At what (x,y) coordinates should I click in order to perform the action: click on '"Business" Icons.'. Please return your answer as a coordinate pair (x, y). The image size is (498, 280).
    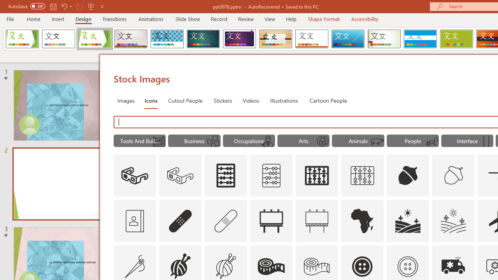
    Looking at the image, I should click on (194, 141).